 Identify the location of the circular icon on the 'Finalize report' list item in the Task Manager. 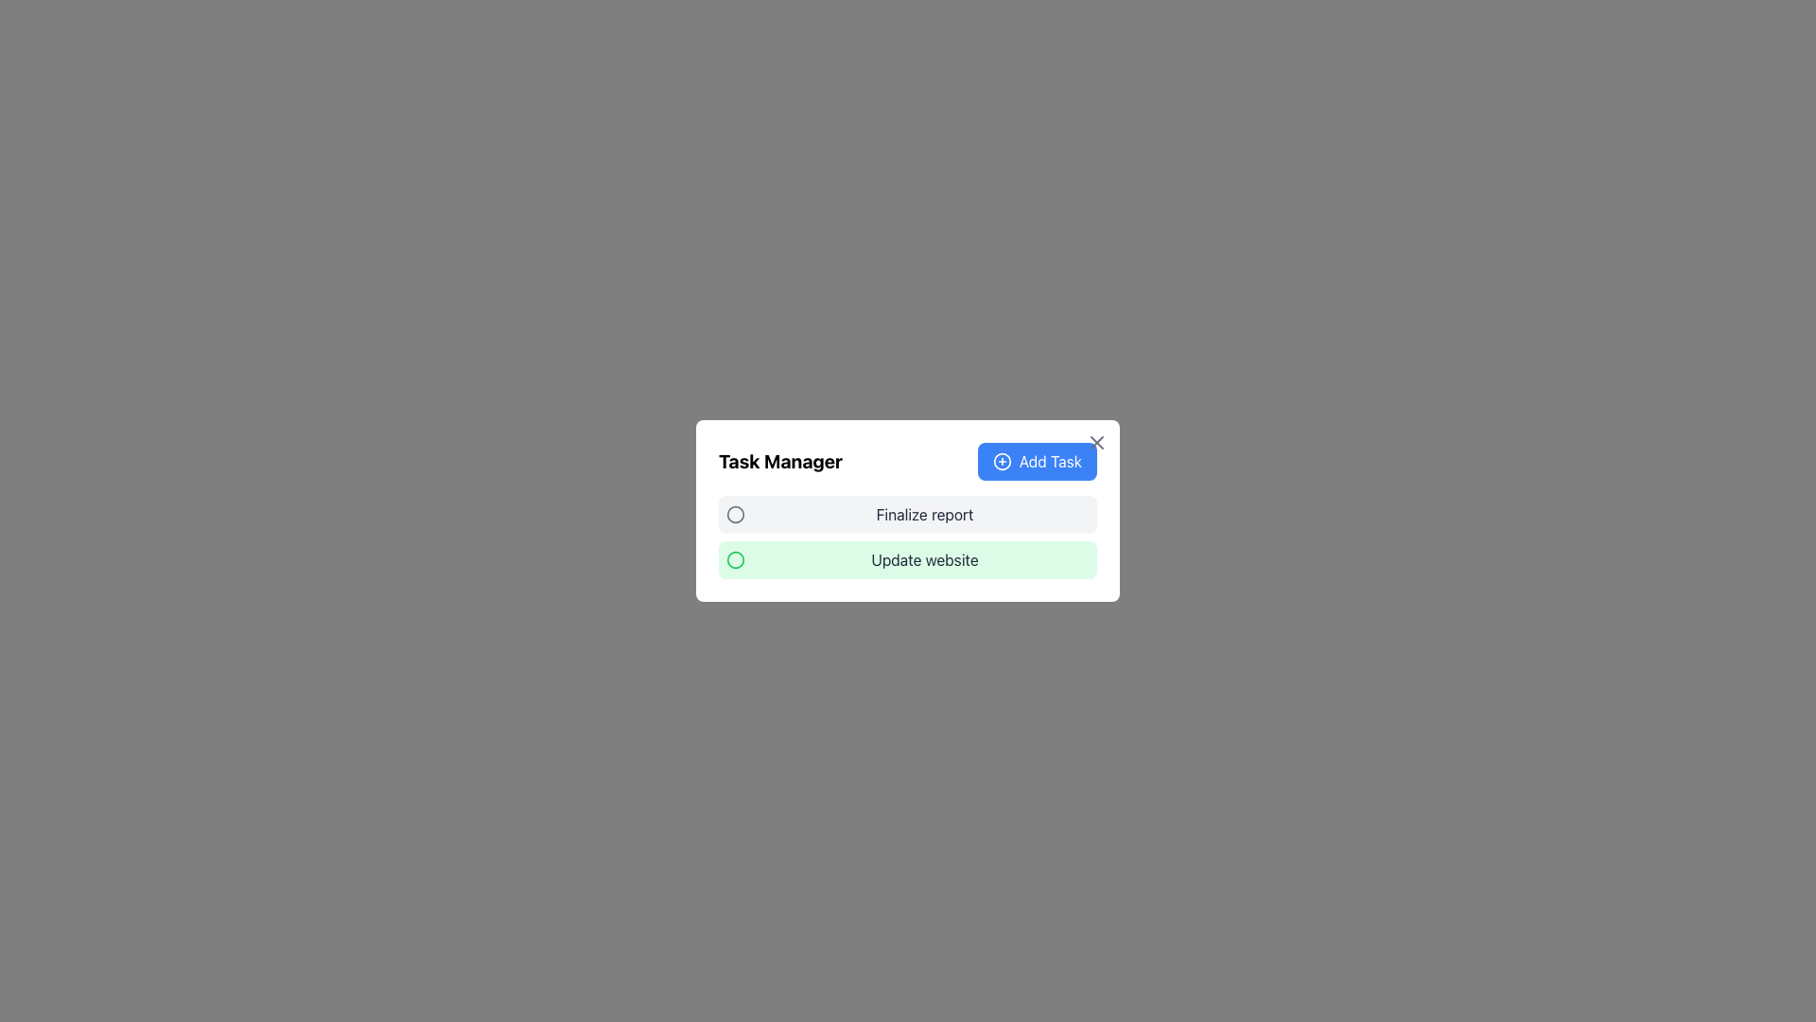
(908, 514).